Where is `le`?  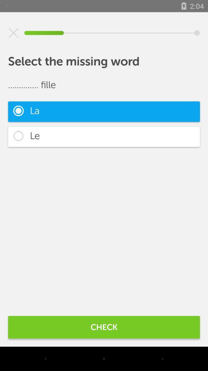
le is located at coordinates (104, 136).